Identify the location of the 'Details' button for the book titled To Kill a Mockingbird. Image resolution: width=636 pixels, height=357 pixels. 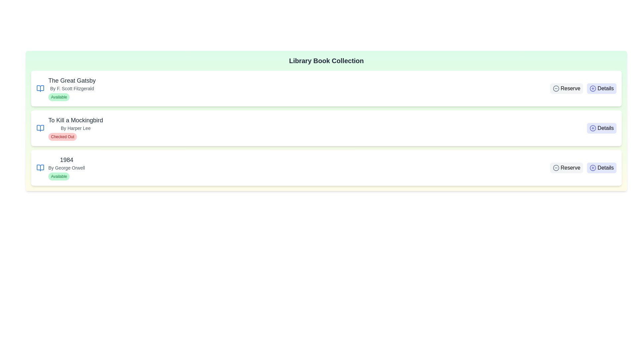
(601, 128).